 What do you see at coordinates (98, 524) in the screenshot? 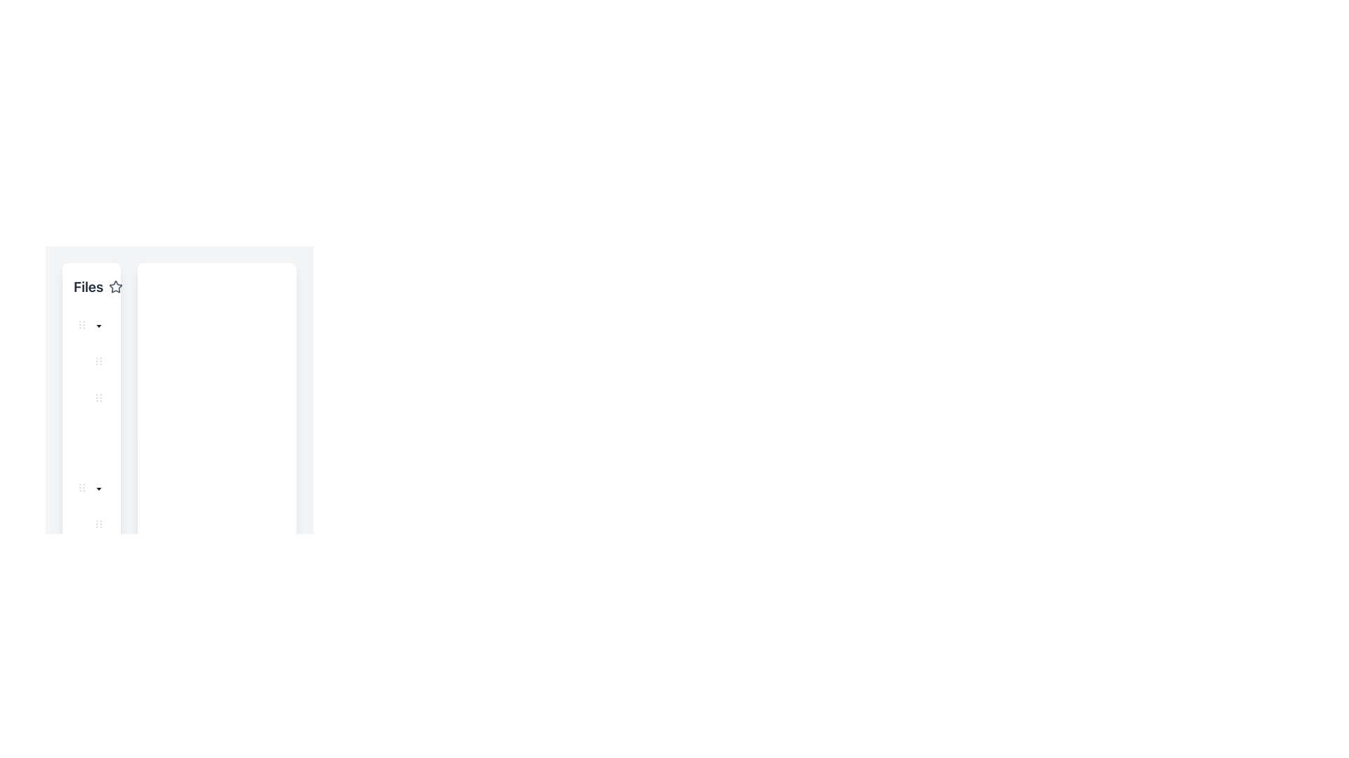
I see `the IconButton located in the left sidebar labeled 'Files', which serves as a drag handle or visual marker for interacting with its associated item` at bounding box center [98, 524].